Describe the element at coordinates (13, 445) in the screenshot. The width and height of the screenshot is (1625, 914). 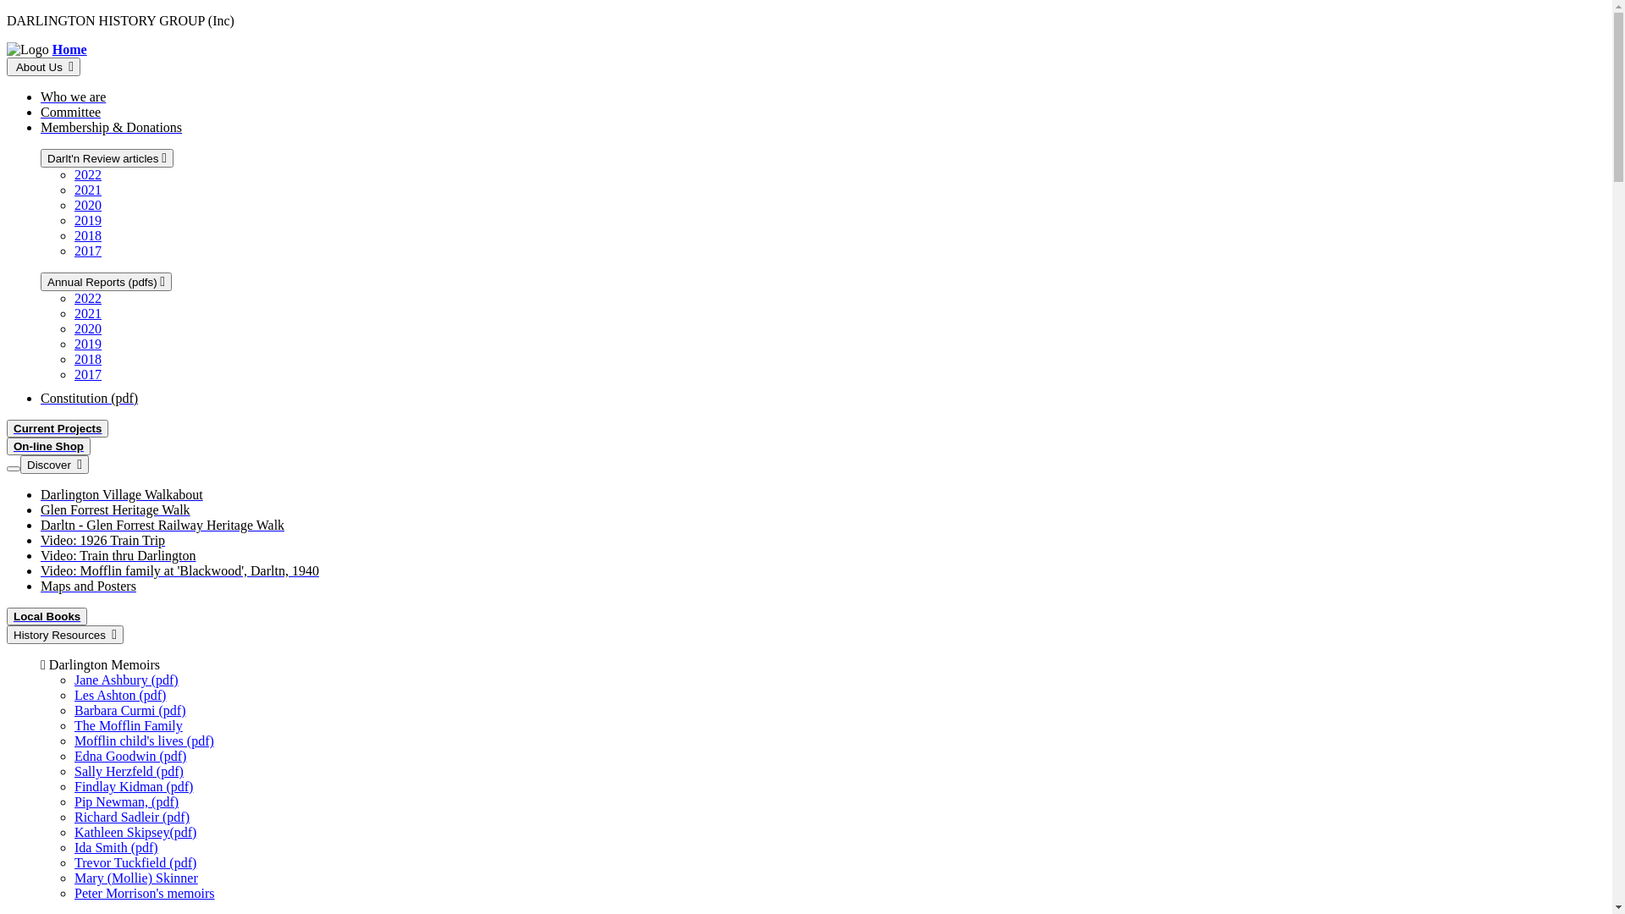
I see `'On-line Shop'` at that location.